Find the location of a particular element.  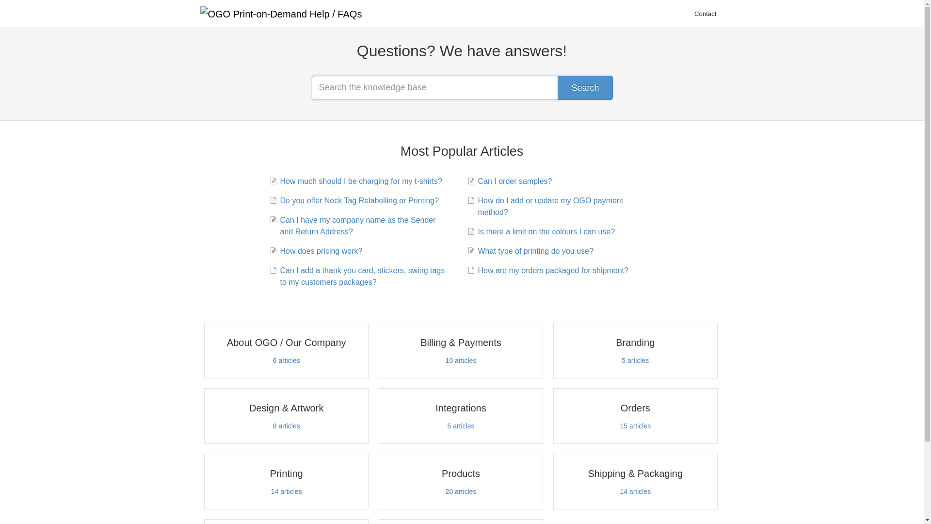

'search-query' is located at coordinates (311, 88).